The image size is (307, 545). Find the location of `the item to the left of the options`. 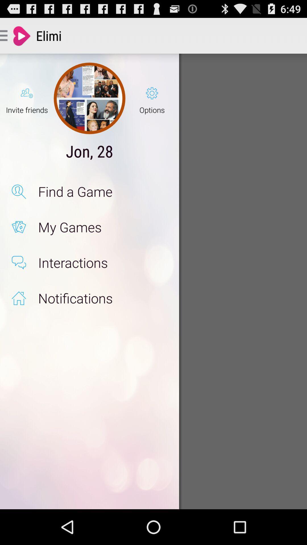

the item to the left of the options is located at coordinates (90, 98).